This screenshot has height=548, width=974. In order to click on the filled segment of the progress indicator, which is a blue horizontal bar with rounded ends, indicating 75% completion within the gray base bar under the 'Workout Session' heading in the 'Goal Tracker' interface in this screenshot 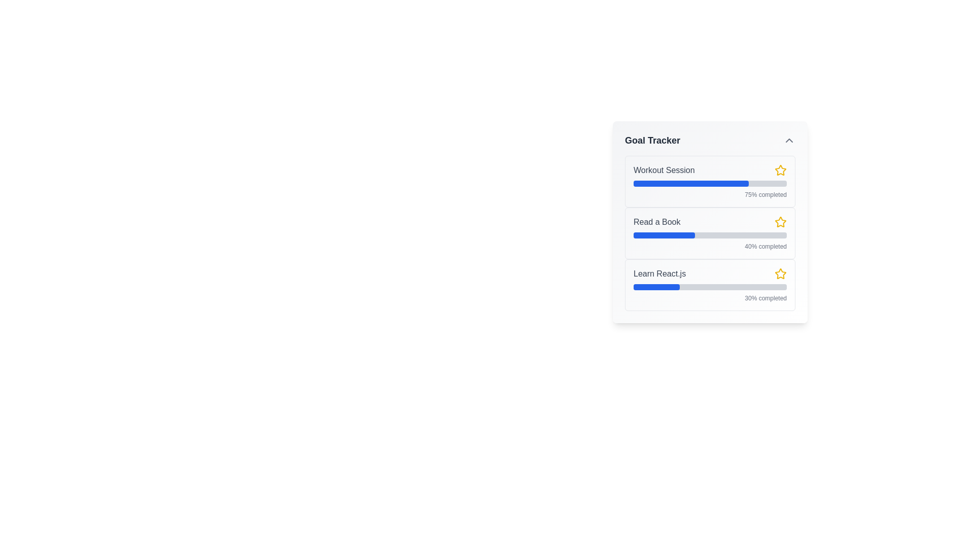, I will do `click(690, 184)`.